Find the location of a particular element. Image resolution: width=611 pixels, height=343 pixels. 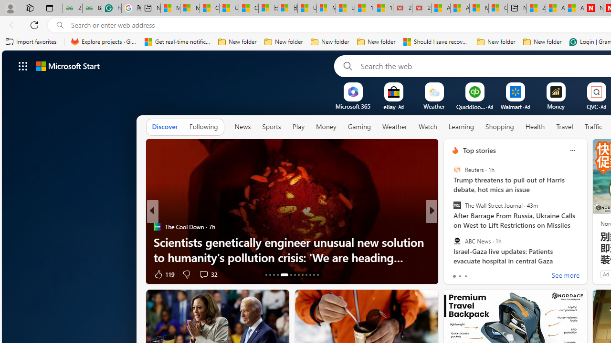

'AutomationID: tab-16' is located at coordinates (277, 275).